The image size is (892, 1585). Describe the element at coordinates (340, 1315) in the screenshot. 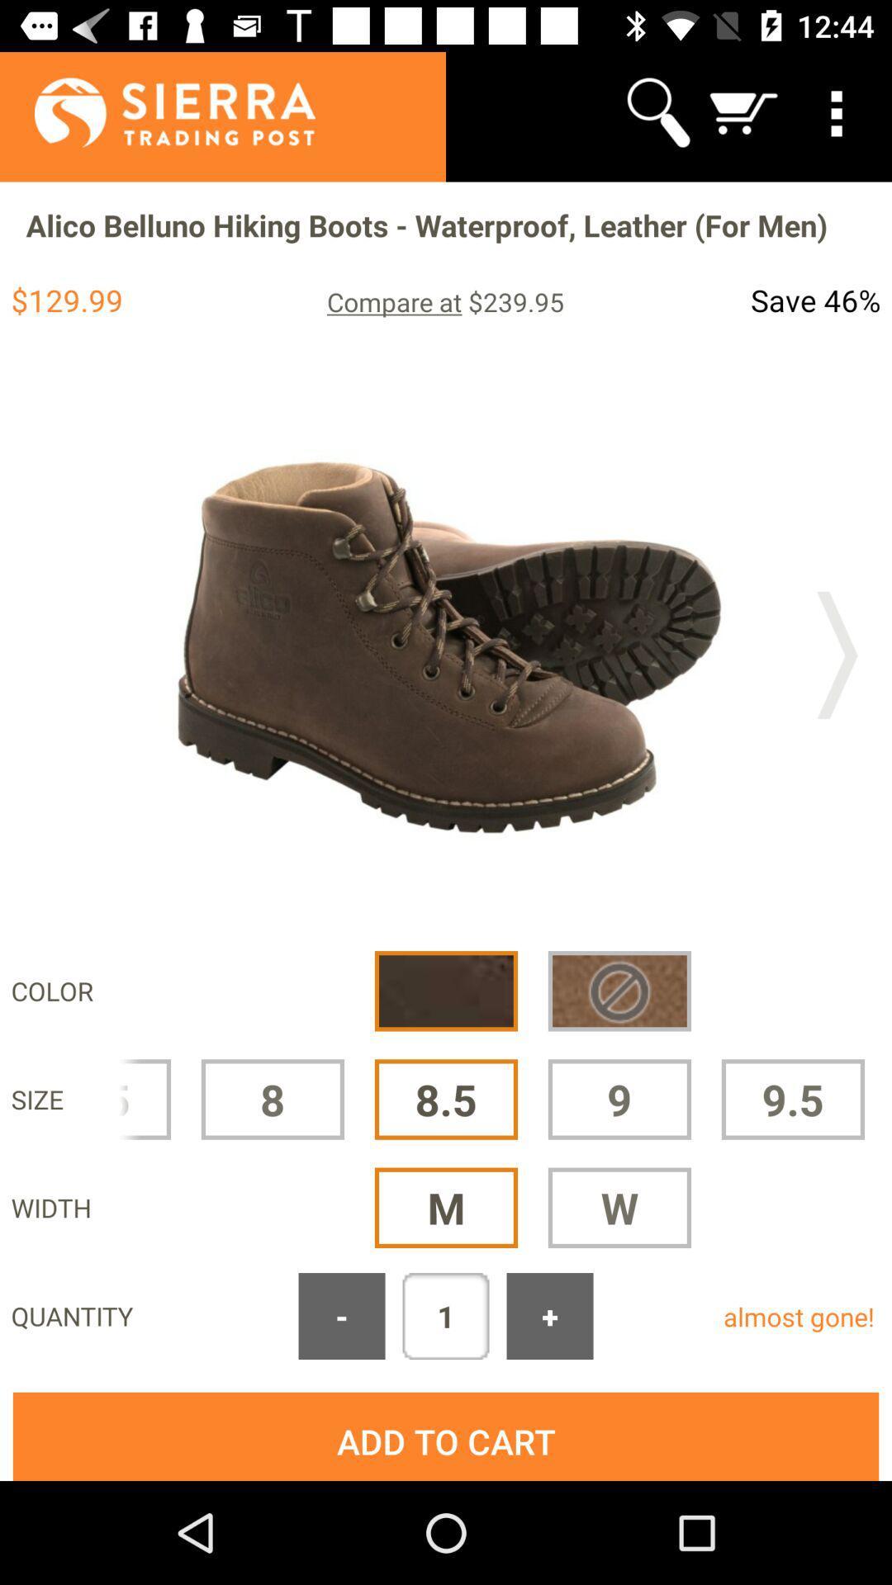

I see `icon above the add to cart icon` at that location.